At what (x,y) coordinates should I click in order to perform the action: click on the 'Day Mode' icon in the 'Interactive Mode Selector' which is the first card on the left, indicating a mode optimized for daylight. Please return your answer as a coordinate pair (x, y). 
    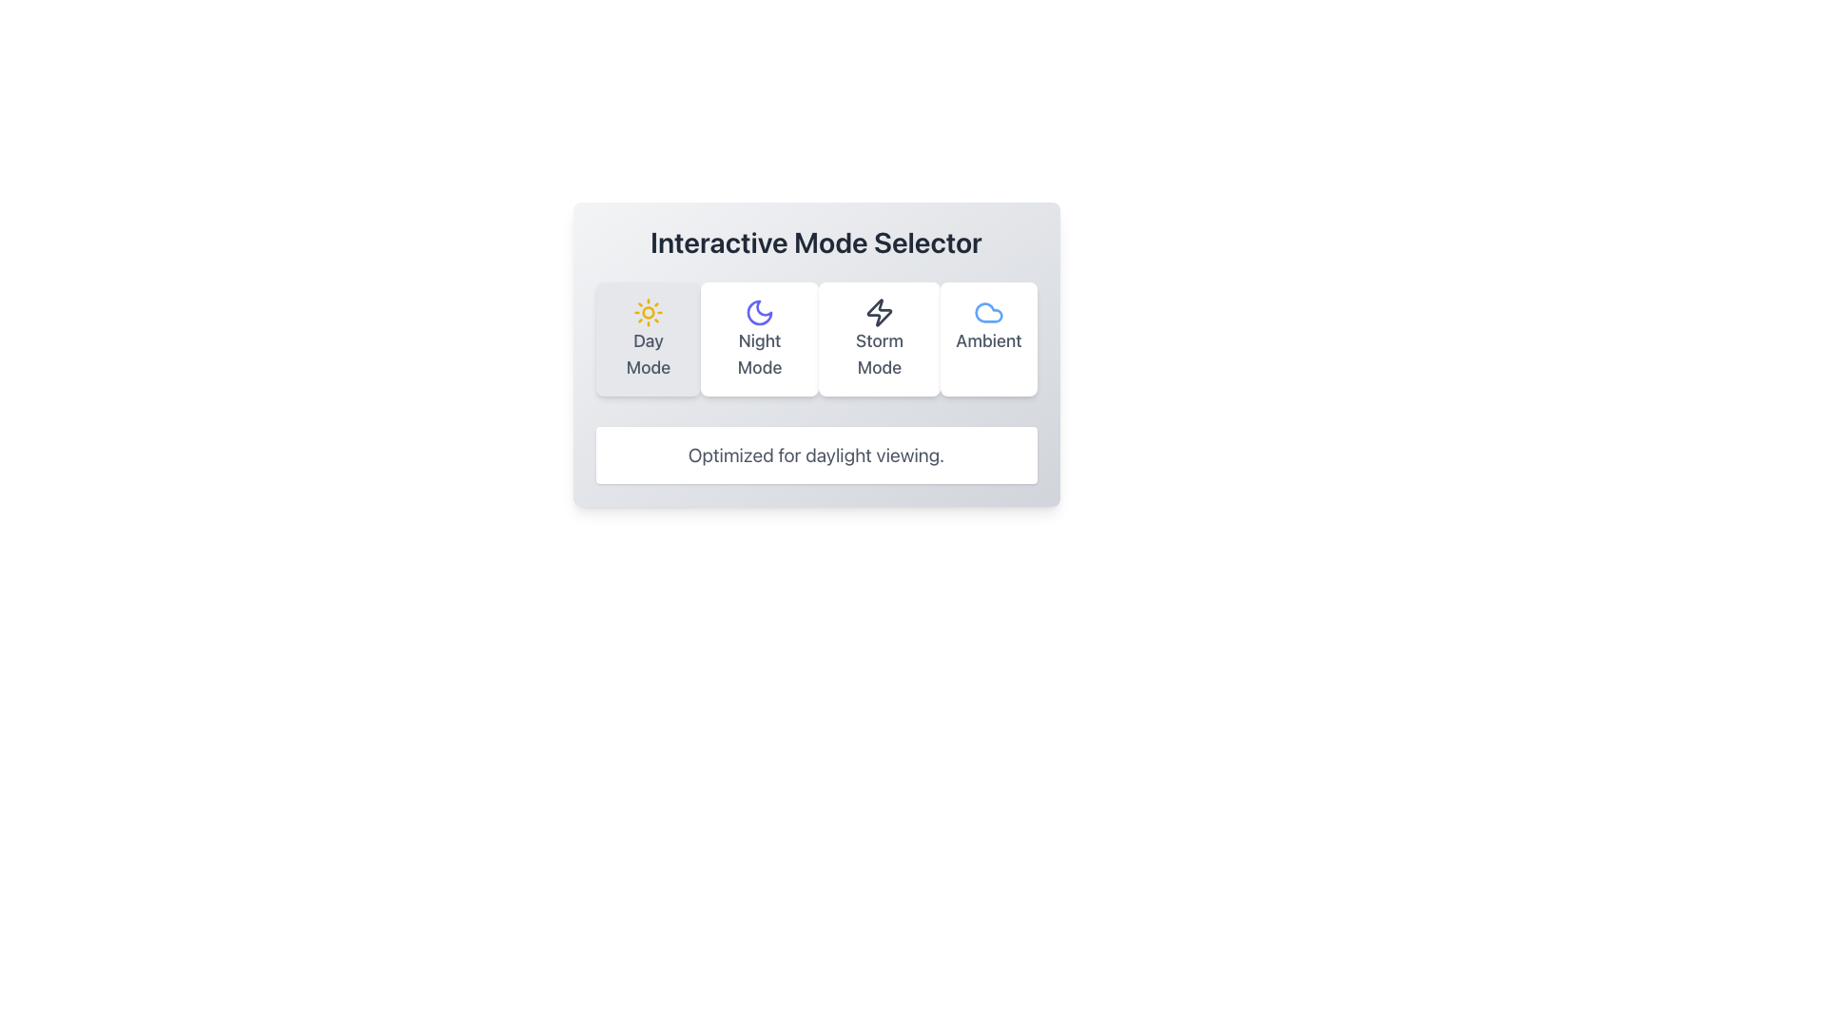
    Looking at the image, I should click on (648, 311).